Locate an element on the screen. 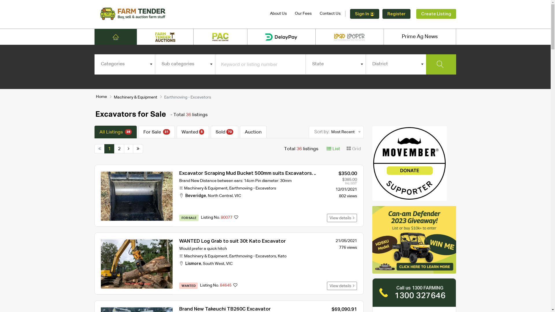 The width and height of the screenshot is (555, 312). 'View details  ' is located at coordinates (342, 218).